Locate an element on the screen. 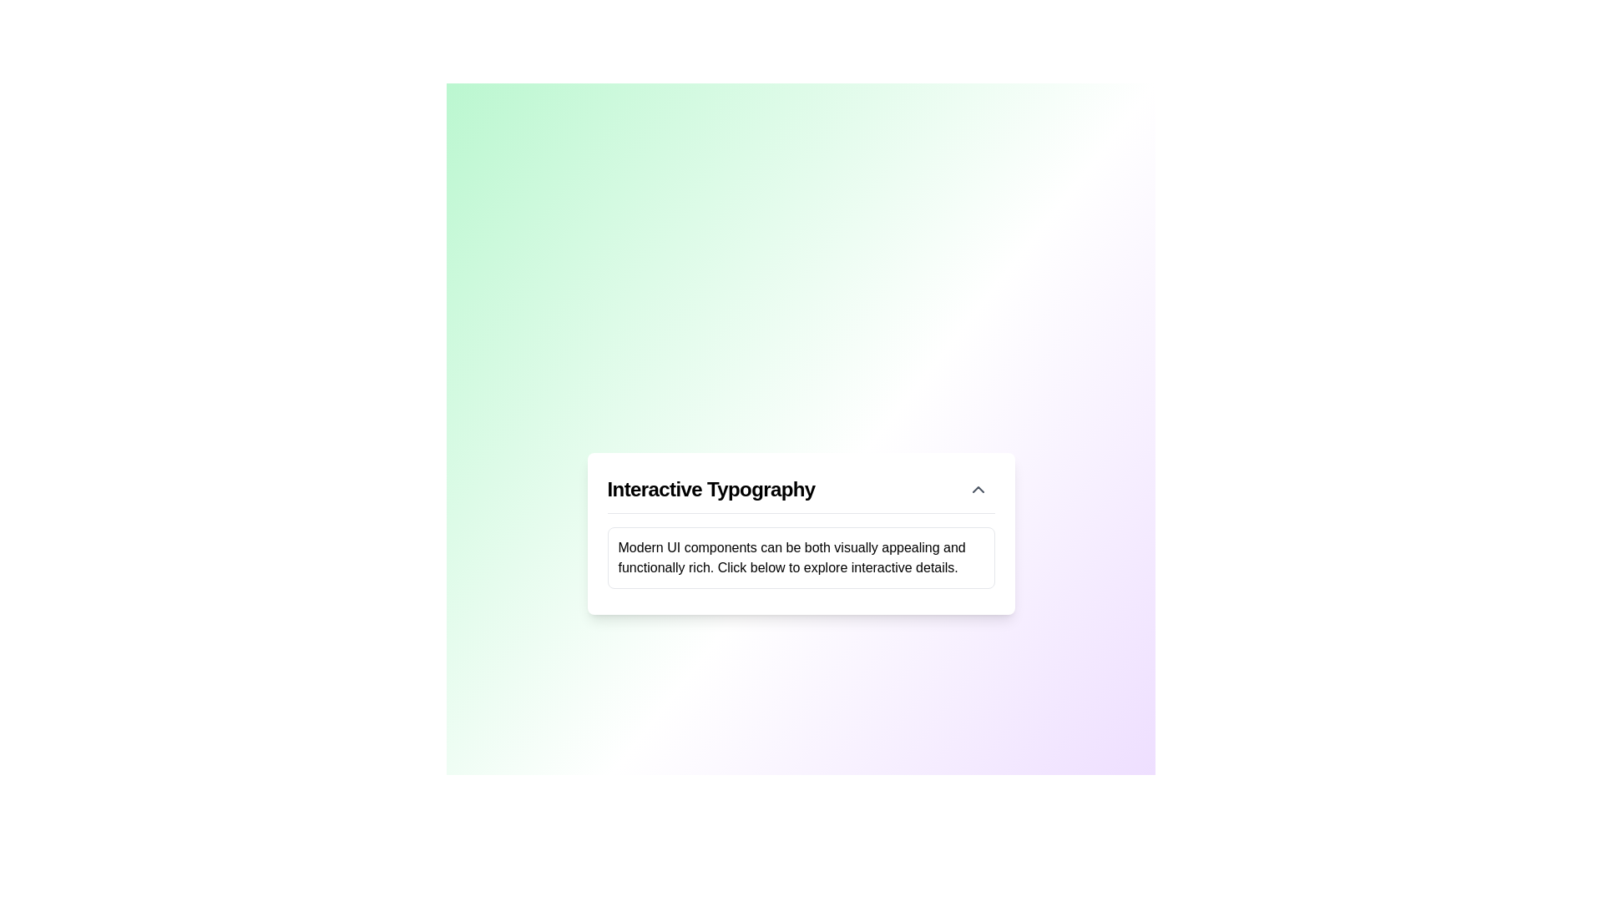  the upward-pointing chevron icon located in the top-right corner of the card component is located at coordinates (978, 488).